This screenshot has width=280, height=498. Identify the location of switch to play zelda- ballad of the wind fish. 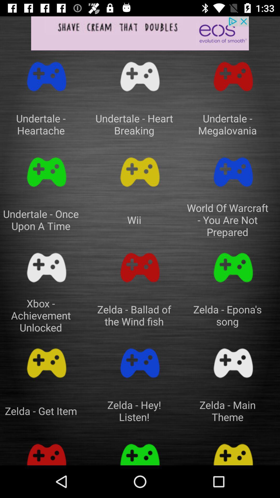
(140, 268).